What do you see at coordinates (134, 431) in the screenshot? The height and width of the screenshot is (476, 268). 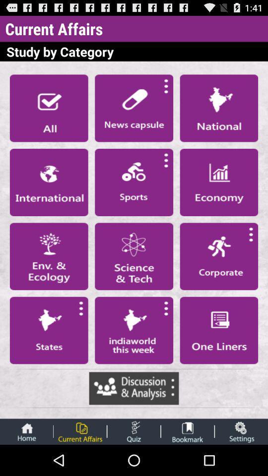 I see `etc` at bounding box center [134, 431].